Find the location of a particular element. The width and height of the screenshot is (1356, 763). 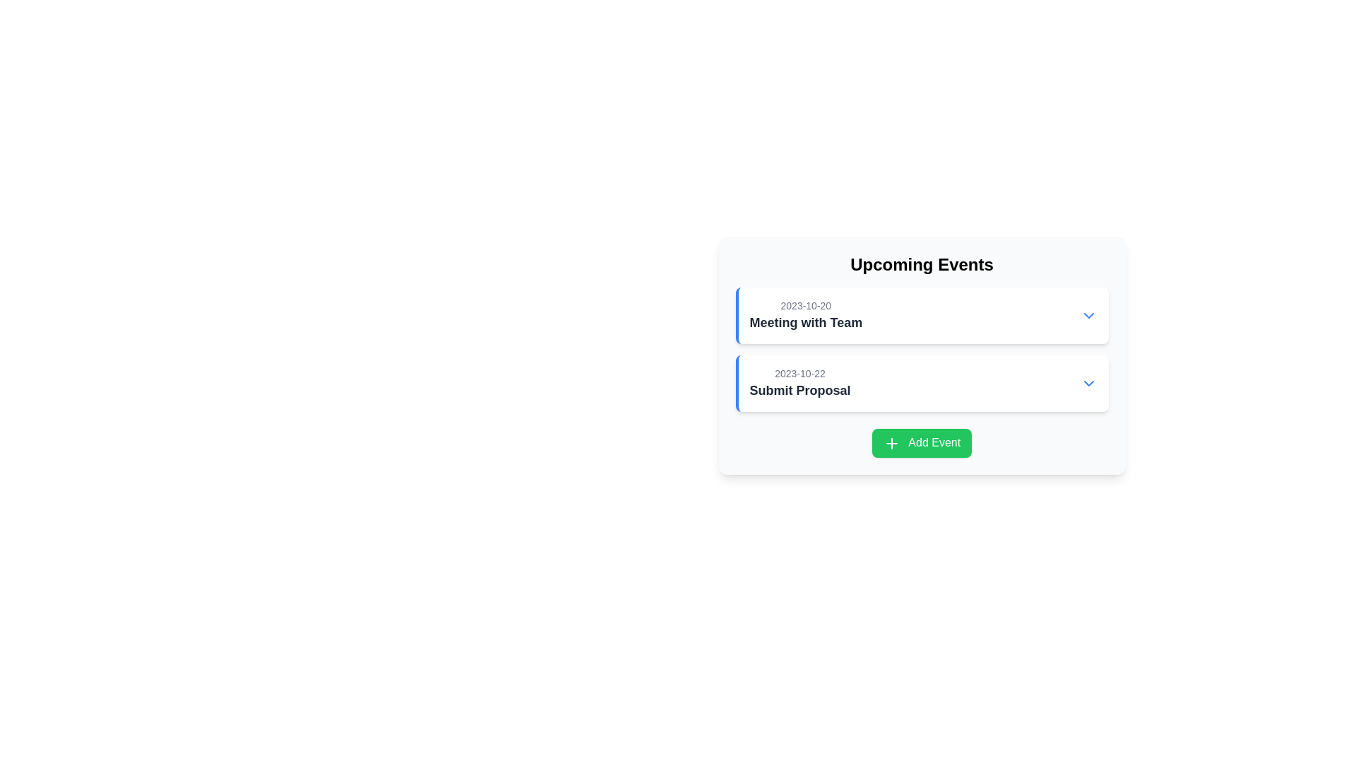

to select the first event item in the 'Upcoming Events' list, which displays the date and title of an event is located at coordinates (806, 315).